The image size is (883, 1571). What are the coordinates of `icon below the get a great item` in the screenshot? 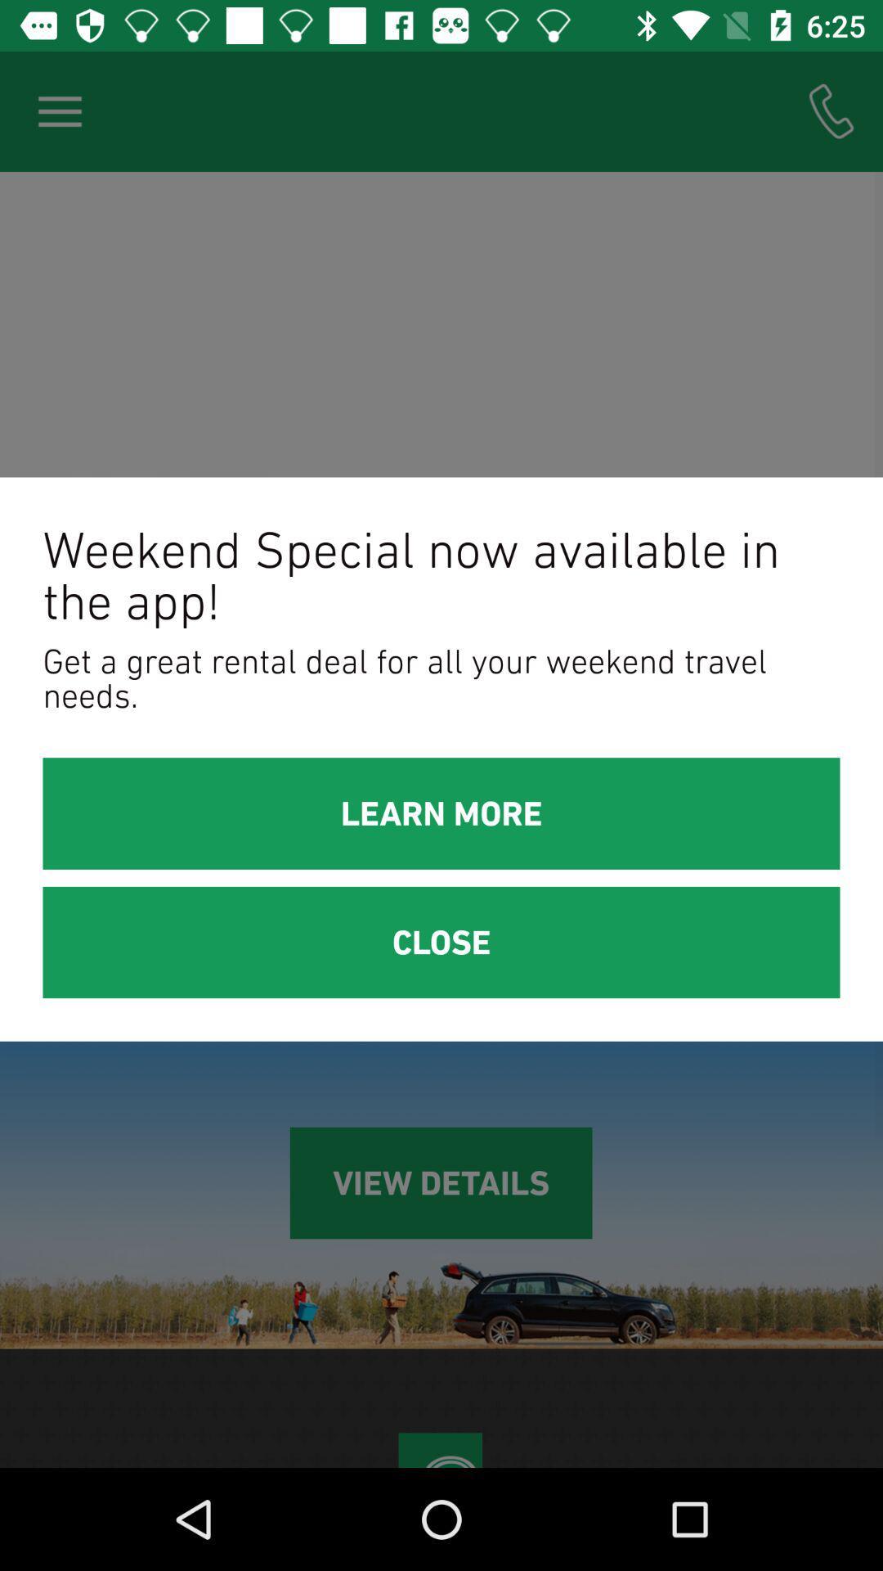 It's located at (441, 813).